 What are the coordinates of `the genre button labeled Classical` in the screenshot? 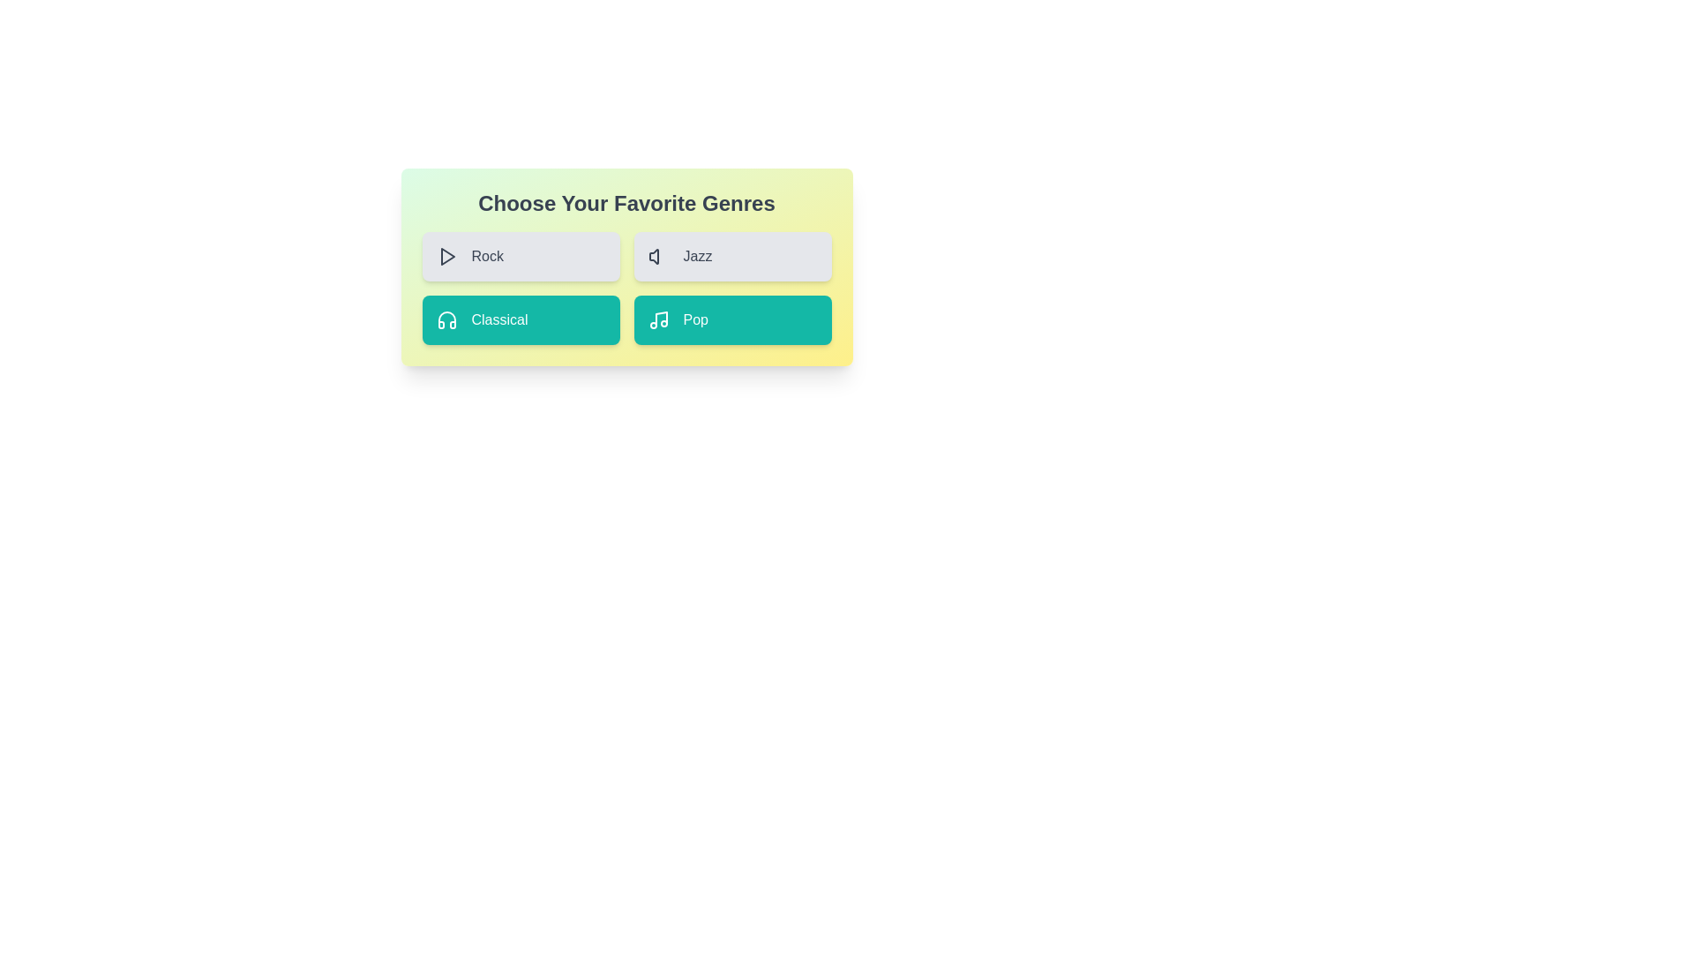 It's located at (520, 319).